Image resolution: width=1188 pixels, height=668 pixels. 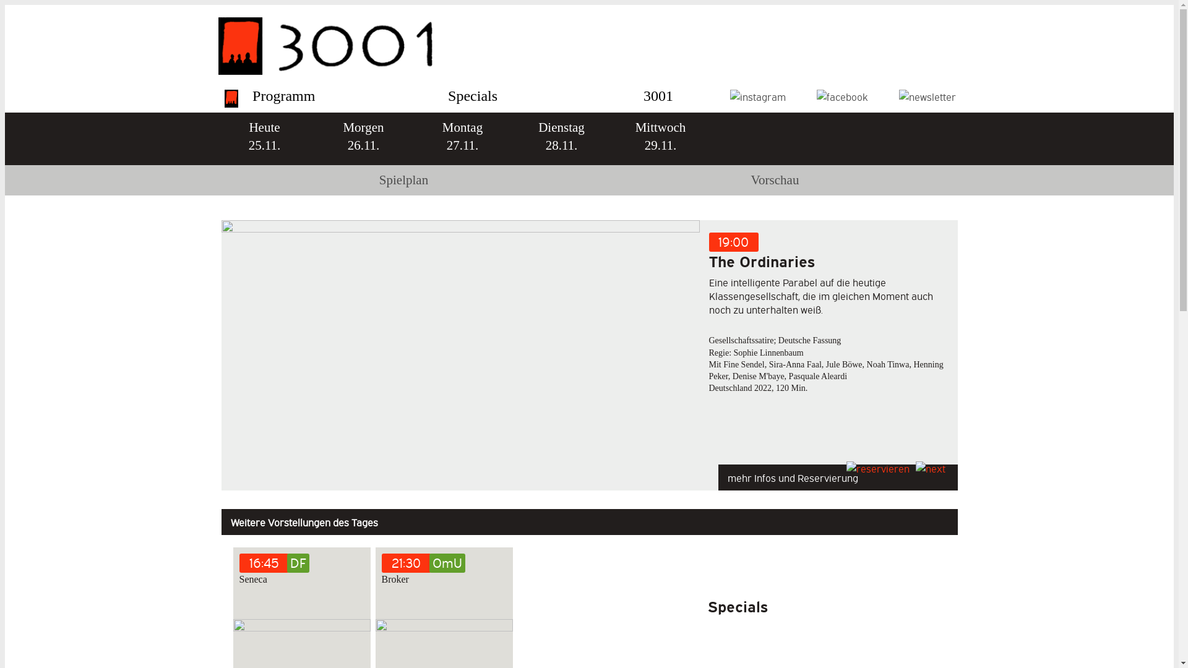 I want to click on 'Mittwoch, so click(x=659, y=139).